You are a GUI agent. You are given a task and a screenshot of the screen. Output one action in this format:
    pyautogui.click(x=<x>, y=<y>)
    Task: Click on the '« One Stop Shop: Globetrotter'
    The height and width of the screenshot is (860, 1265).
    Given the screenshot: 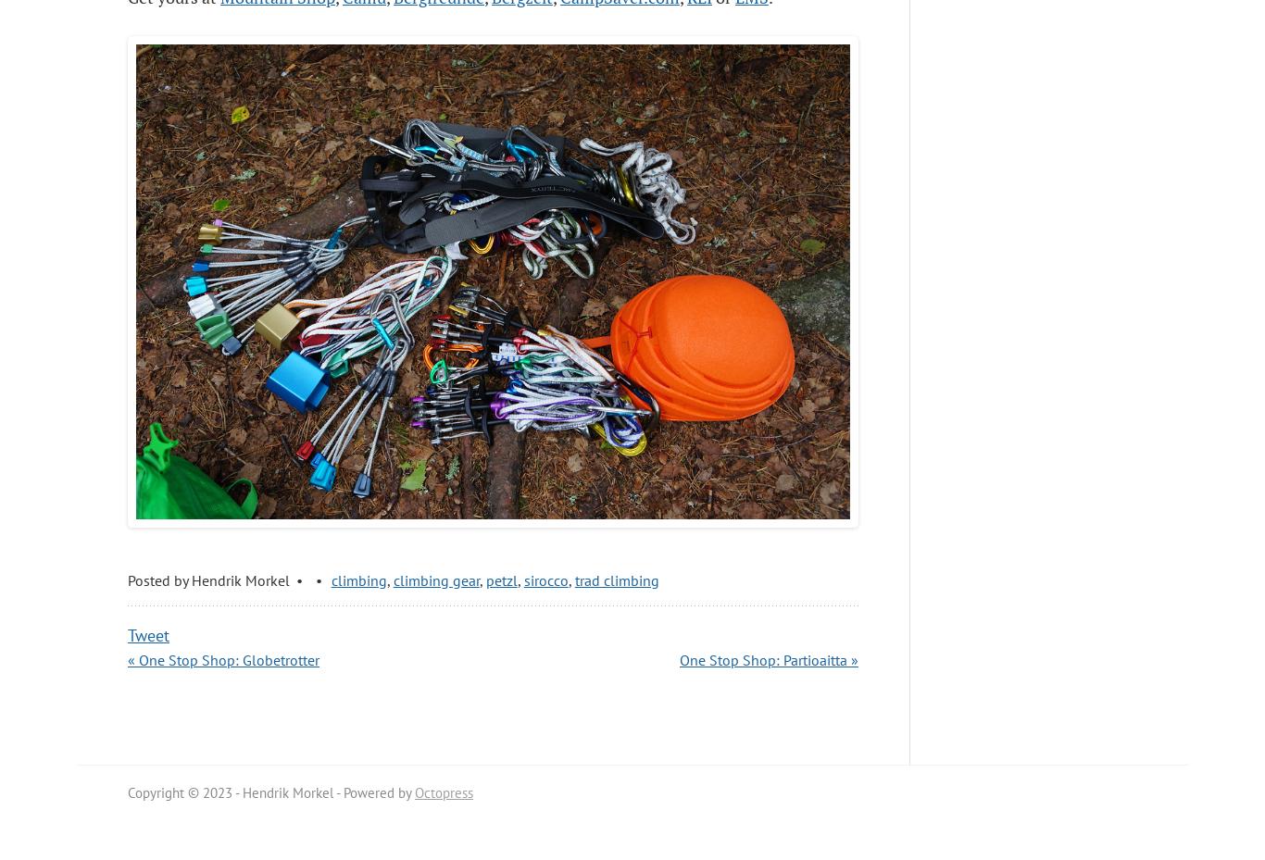 What is the action you would take?
    pyautogui.click(x=223, y=660)
    